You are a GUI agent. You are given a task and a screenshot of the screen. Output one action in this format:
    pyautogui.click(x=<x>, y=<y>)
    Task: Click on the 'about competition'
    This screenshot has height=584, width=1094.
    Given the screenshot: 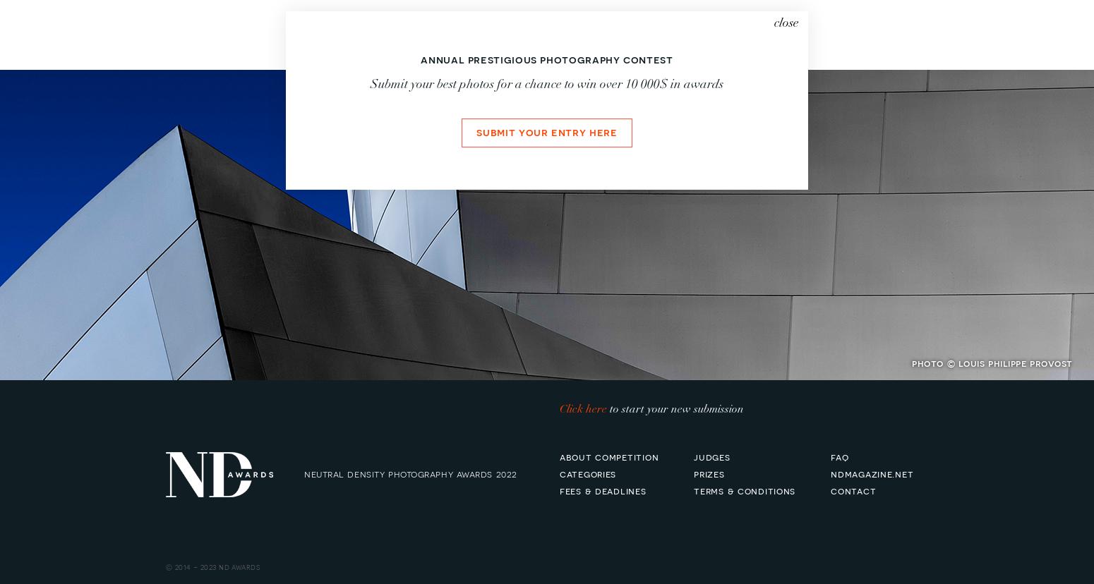 What is the action you would take?
    pyautogui.click(x=609, y=456)
    